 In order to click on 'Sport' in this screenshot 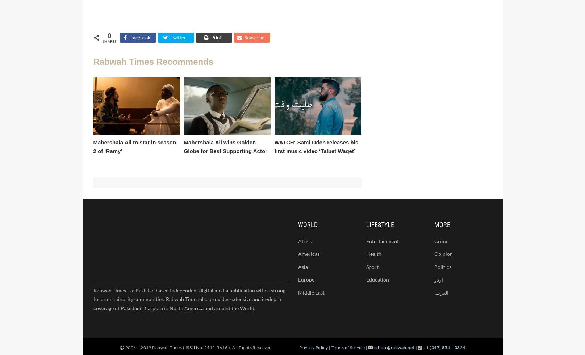, I will do `click(371, 267)`.